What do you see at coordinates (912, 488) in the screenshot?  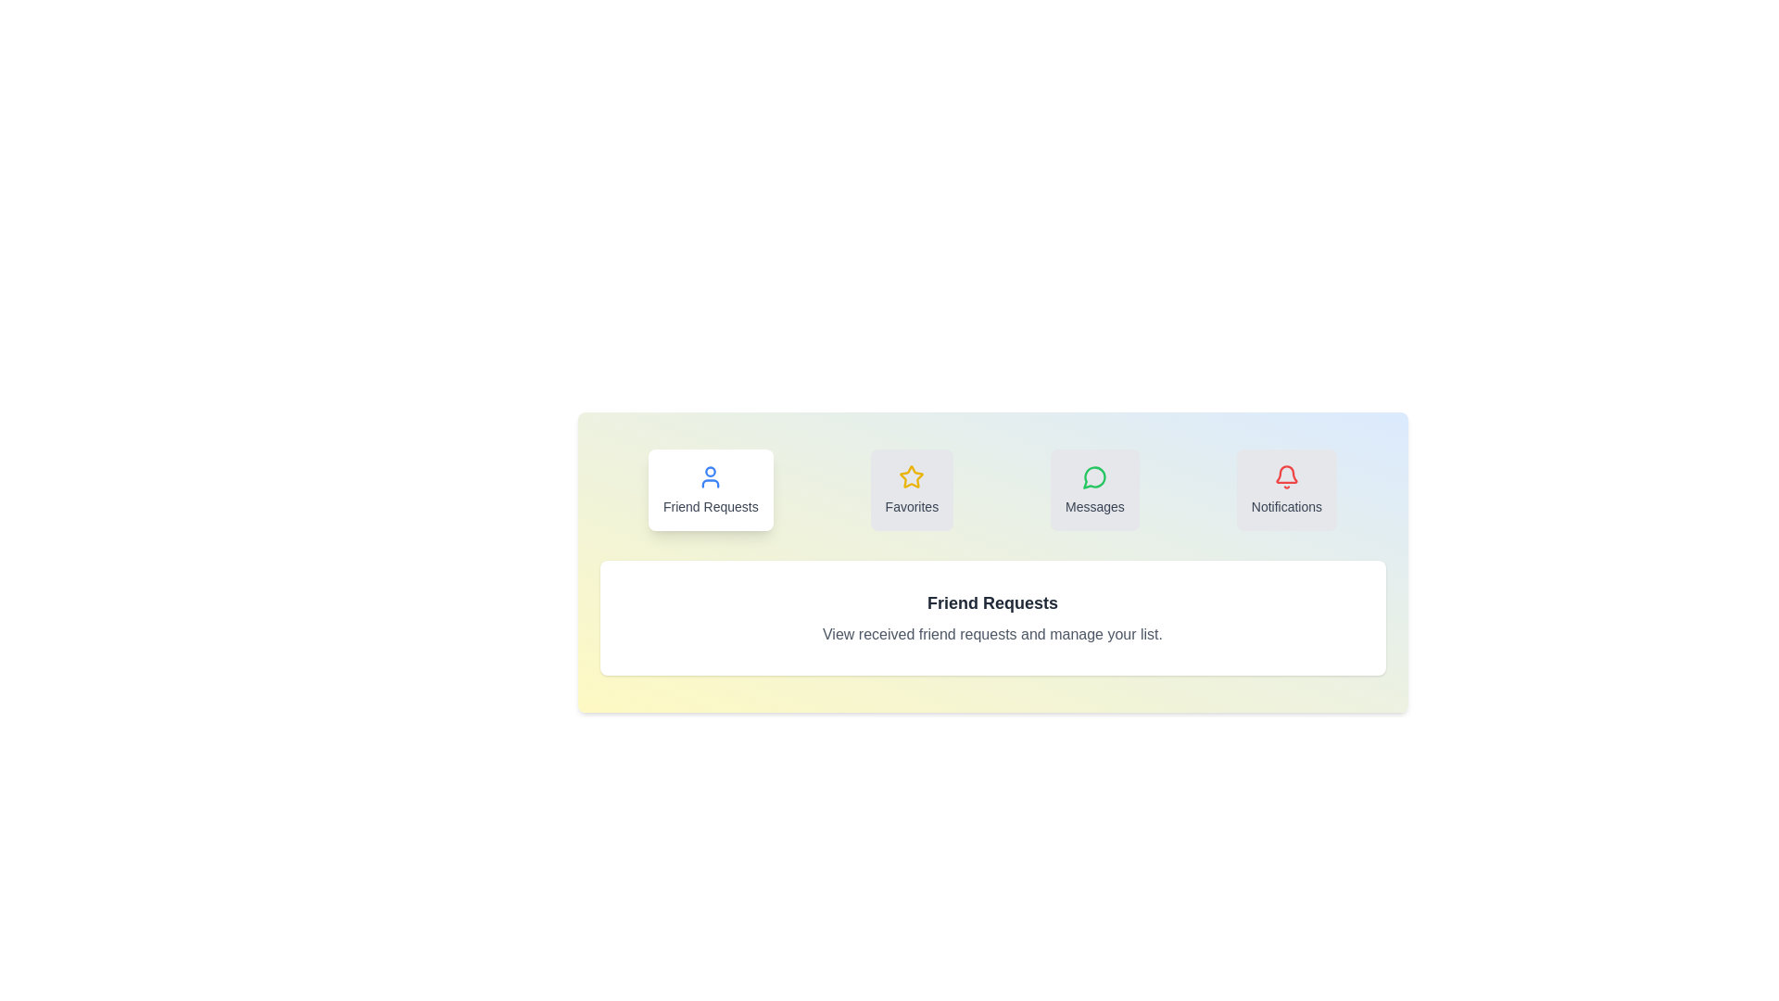 I see `the 'Favorites' tab to switch the active category` at bounding box center [912, 488].